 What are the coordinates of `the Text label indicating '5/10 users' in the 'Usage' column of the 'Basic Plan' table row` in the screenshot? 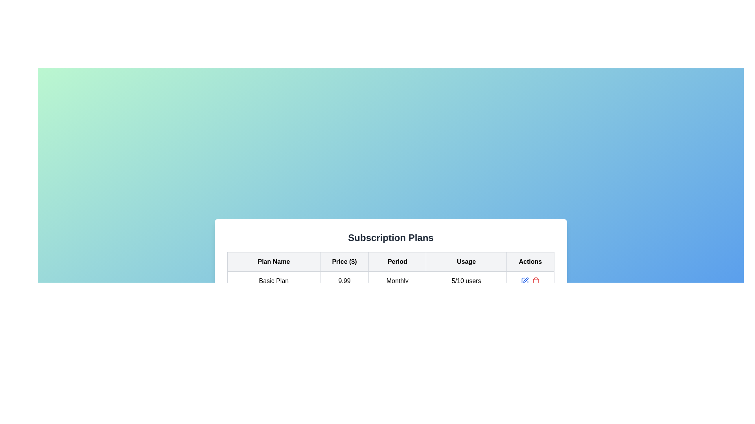 It's located at (466, 280).